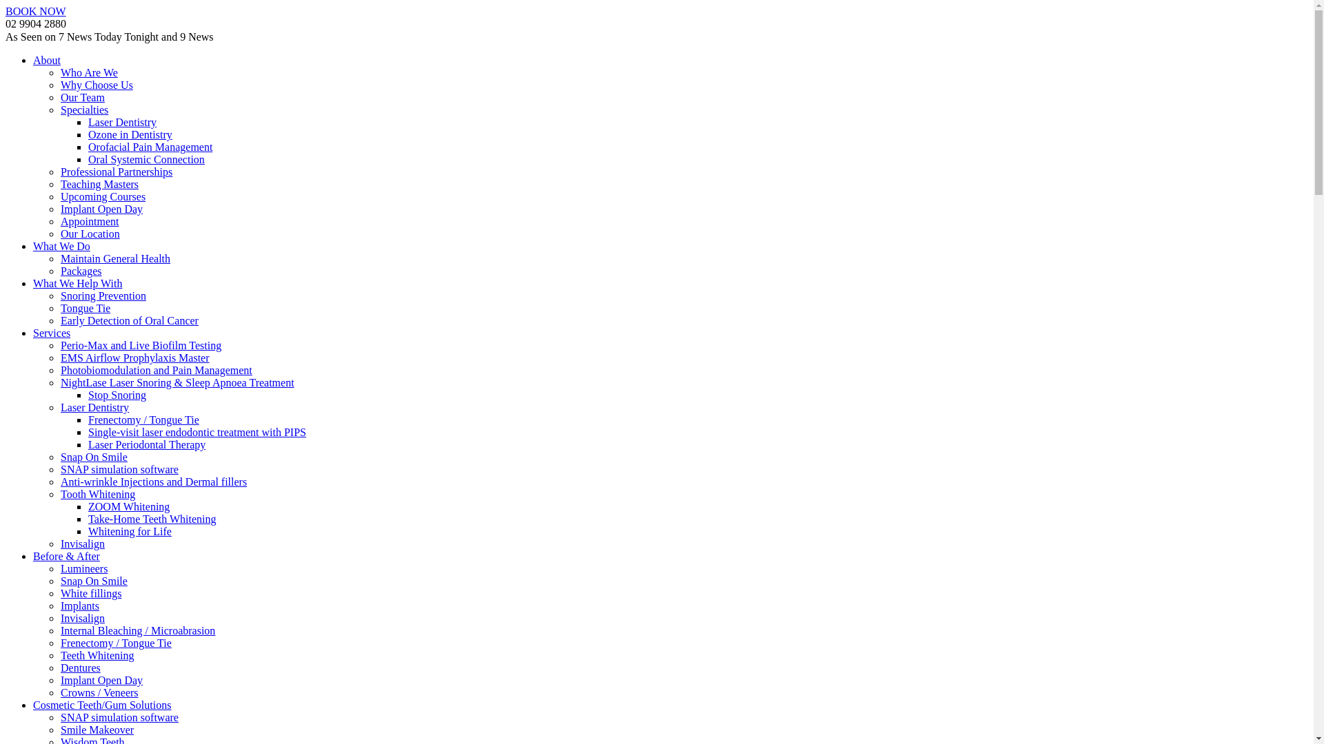 This screenshot has height=744, width=1324. Describe the element at coordinates (33, 282) in the screenshot. I see `'What We Help With'` at that location.